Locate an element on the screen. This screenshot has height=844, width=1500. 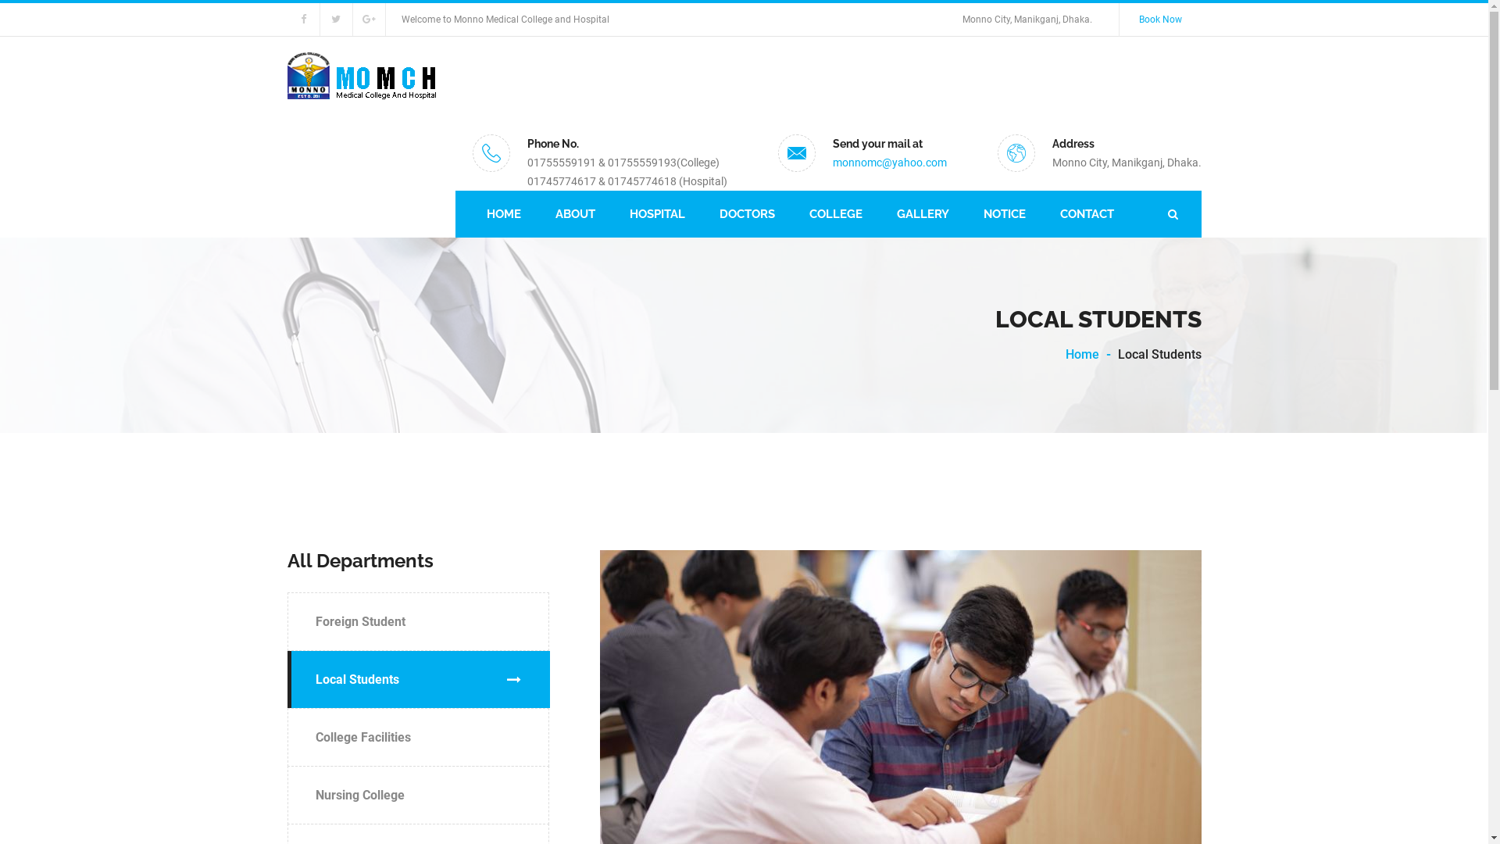
'ABOUT' is located at coordinates (573, 213).